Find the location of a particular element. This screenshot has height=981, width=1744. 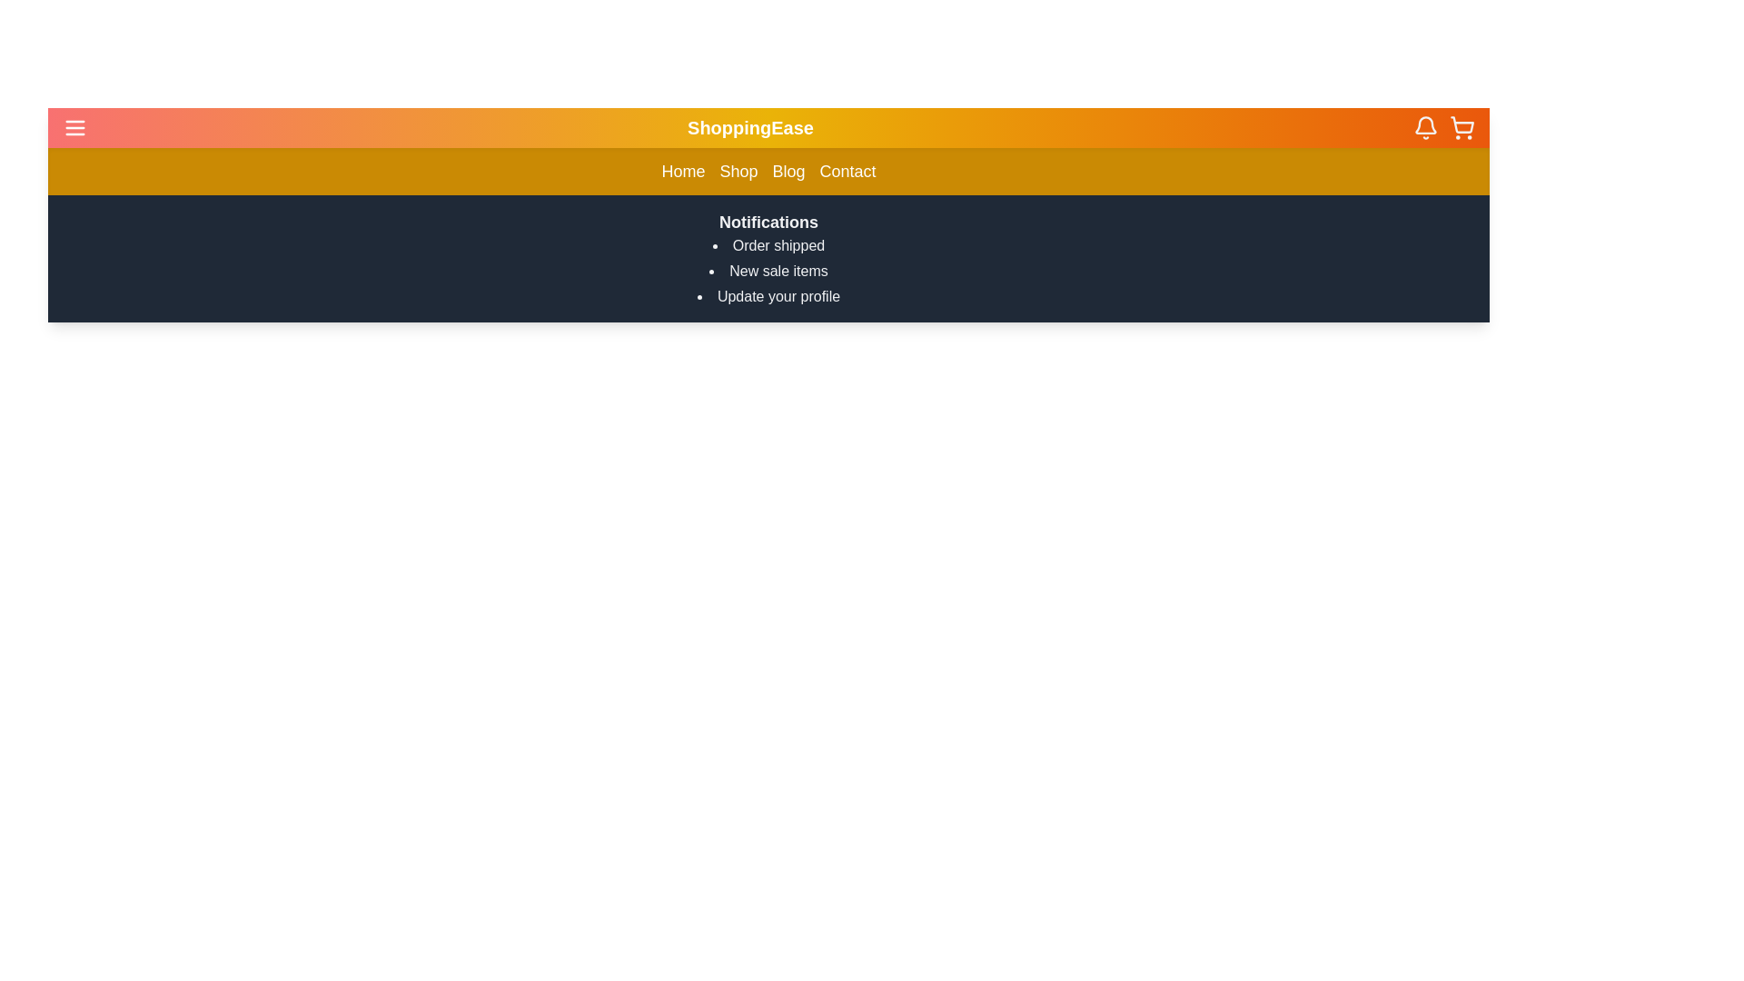

the shopping cart icon button located in the upper right corner of the navigation bar to trigger a tooltip or visual effect is located at coordinates (1462, 124).